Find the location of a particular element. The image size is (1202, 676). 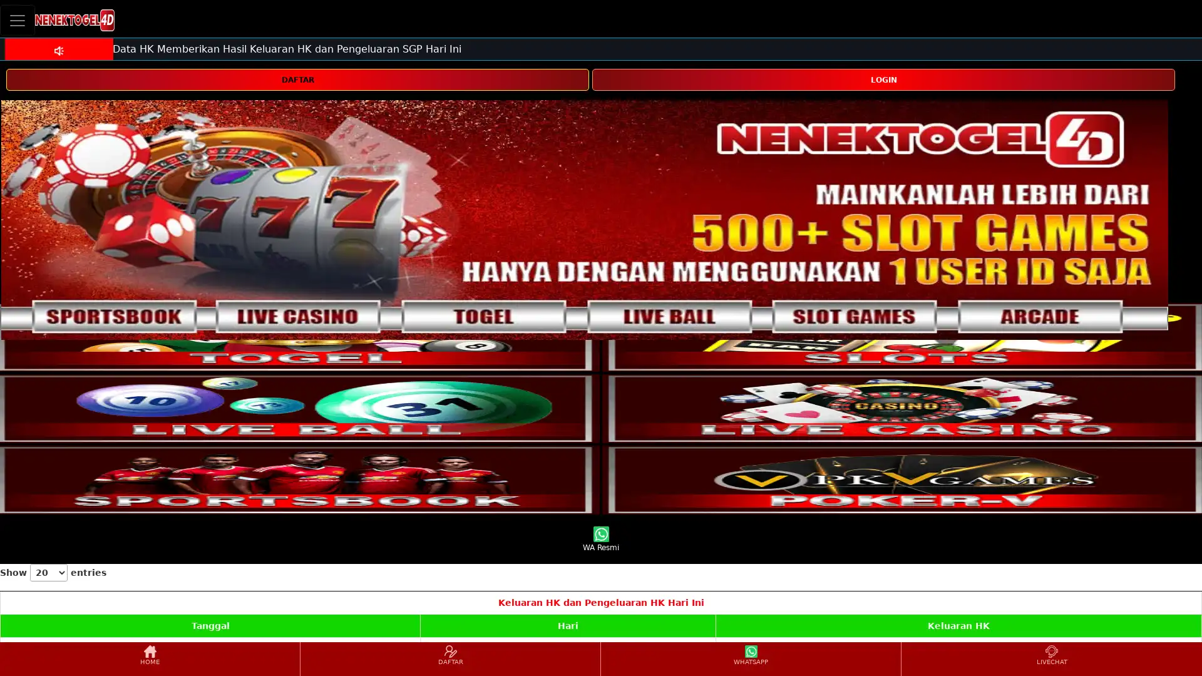

LOGIN is located at coordinates (883, 79).